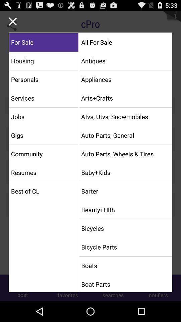 The height and width of the screenshot is (322, 181). I want to click on bicycle parts item, so click(125, 247).